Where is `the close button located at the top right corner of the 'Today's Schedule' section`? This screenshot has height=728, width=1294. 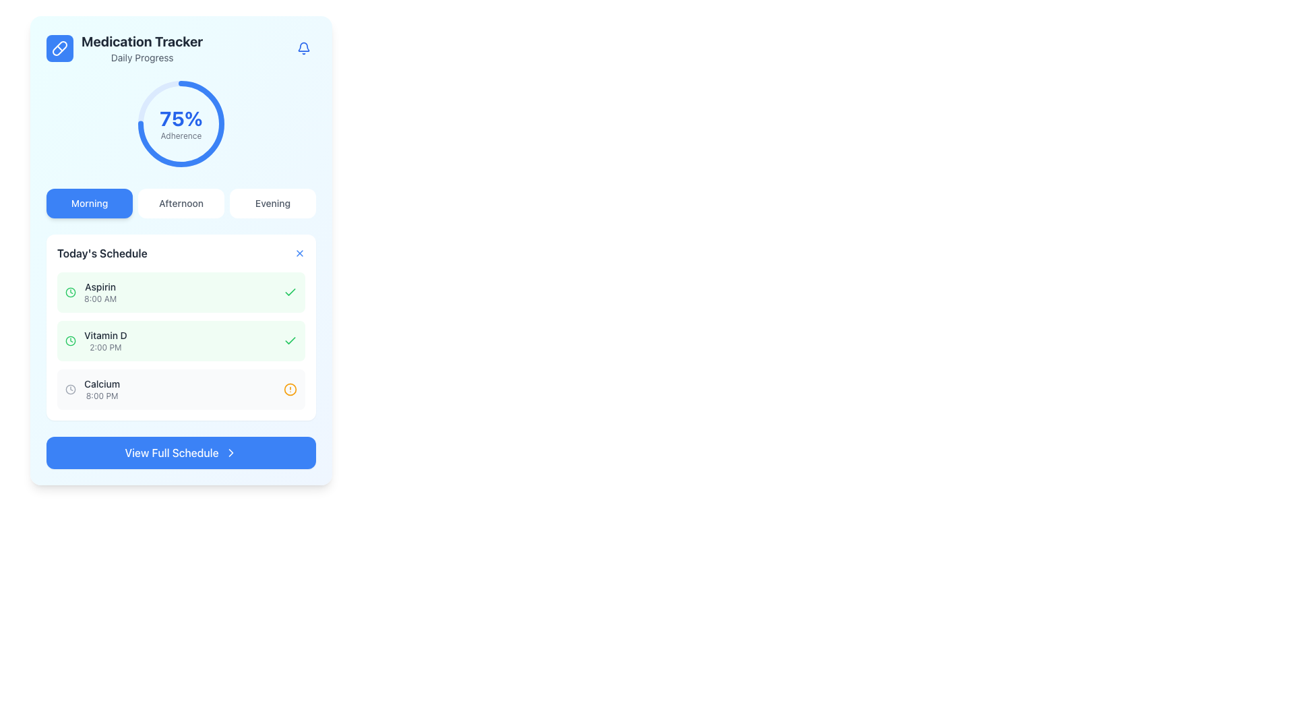
the close button located at the top right corner of the 'Today's Schedule' section is located at coordinates (299, 253).